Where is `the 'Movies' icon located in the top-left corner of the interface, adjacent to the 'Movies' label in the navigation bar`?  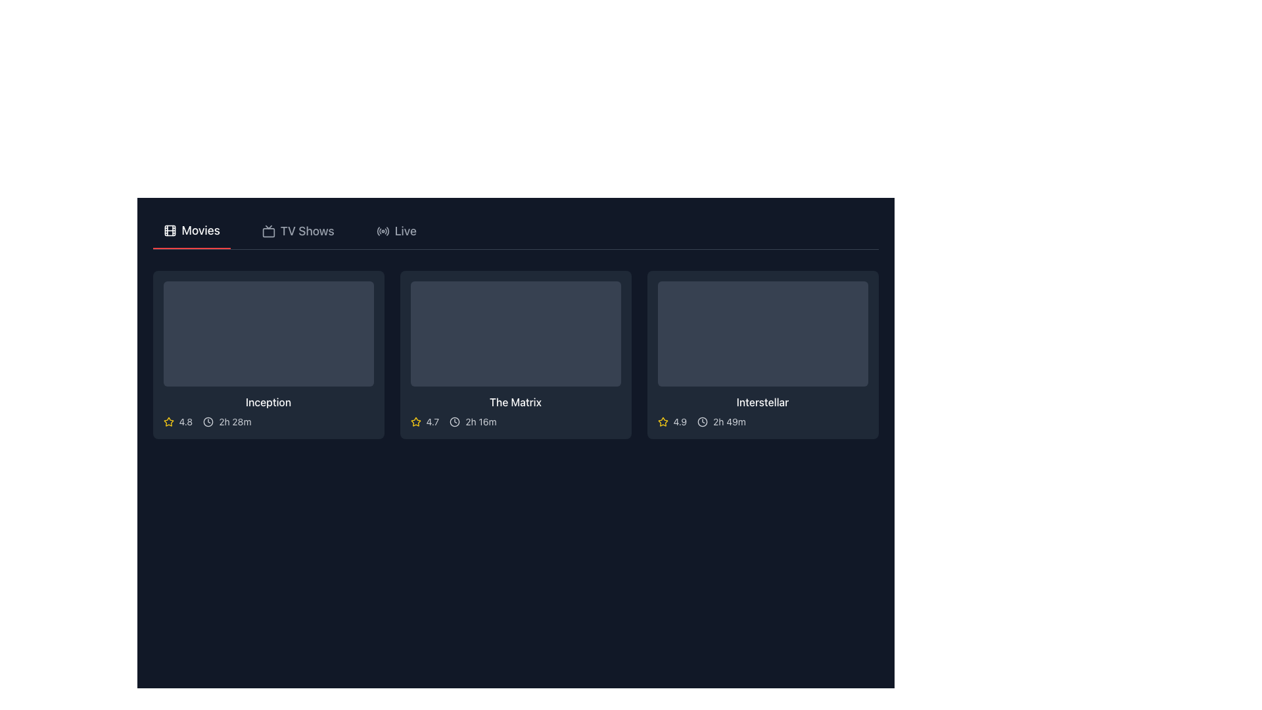
the 'Movies' icon located in the top-left corner of the interface, adjacent to the 'Movies' label in the navigation bar is located at coordinates (169, 230).